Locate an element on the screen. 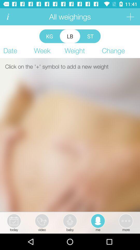 Image resolution: width=140 pixels, height=250 pixels. item next to lb icon is located at coordinates (50, 36).